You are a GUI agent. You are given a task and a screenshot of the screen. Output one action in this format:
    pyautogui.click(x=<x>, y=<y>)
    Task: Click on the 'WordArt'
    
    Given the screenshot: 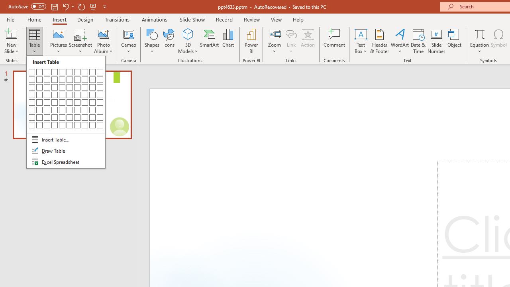 What is the action you would take?
    pyautogui.click(x=400, y=41)
    